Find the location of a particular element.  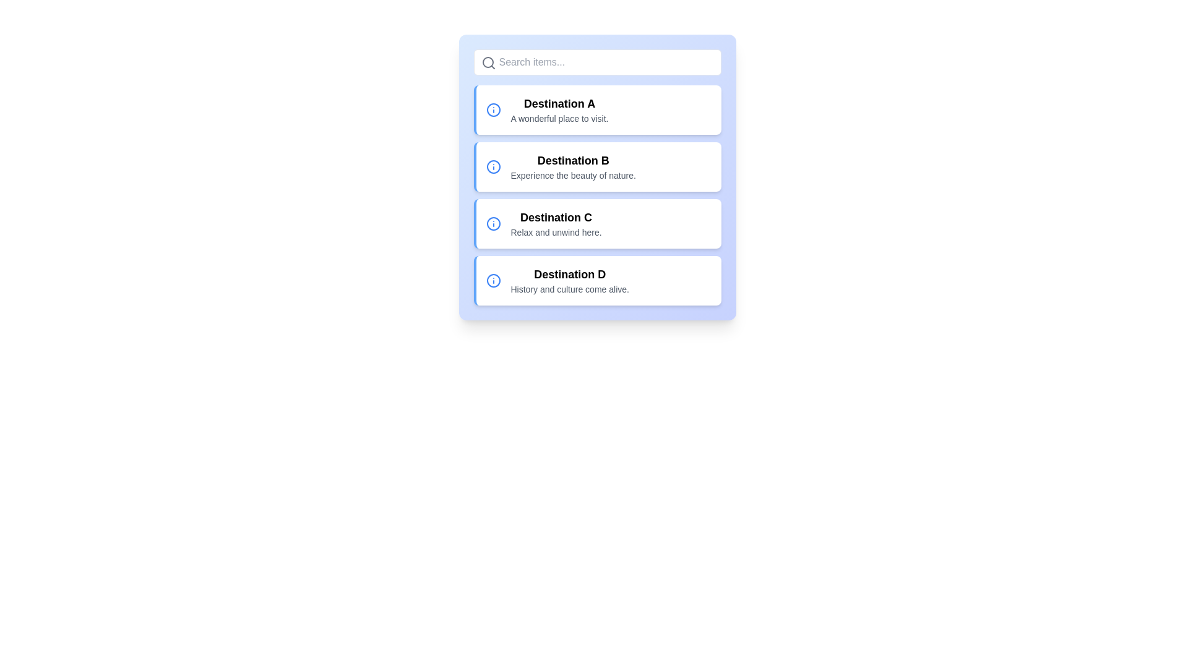

the descriptive card providing information about 'Destination B', which is the second card in a vertically arranged list of items is located at coordinates (572, 167).